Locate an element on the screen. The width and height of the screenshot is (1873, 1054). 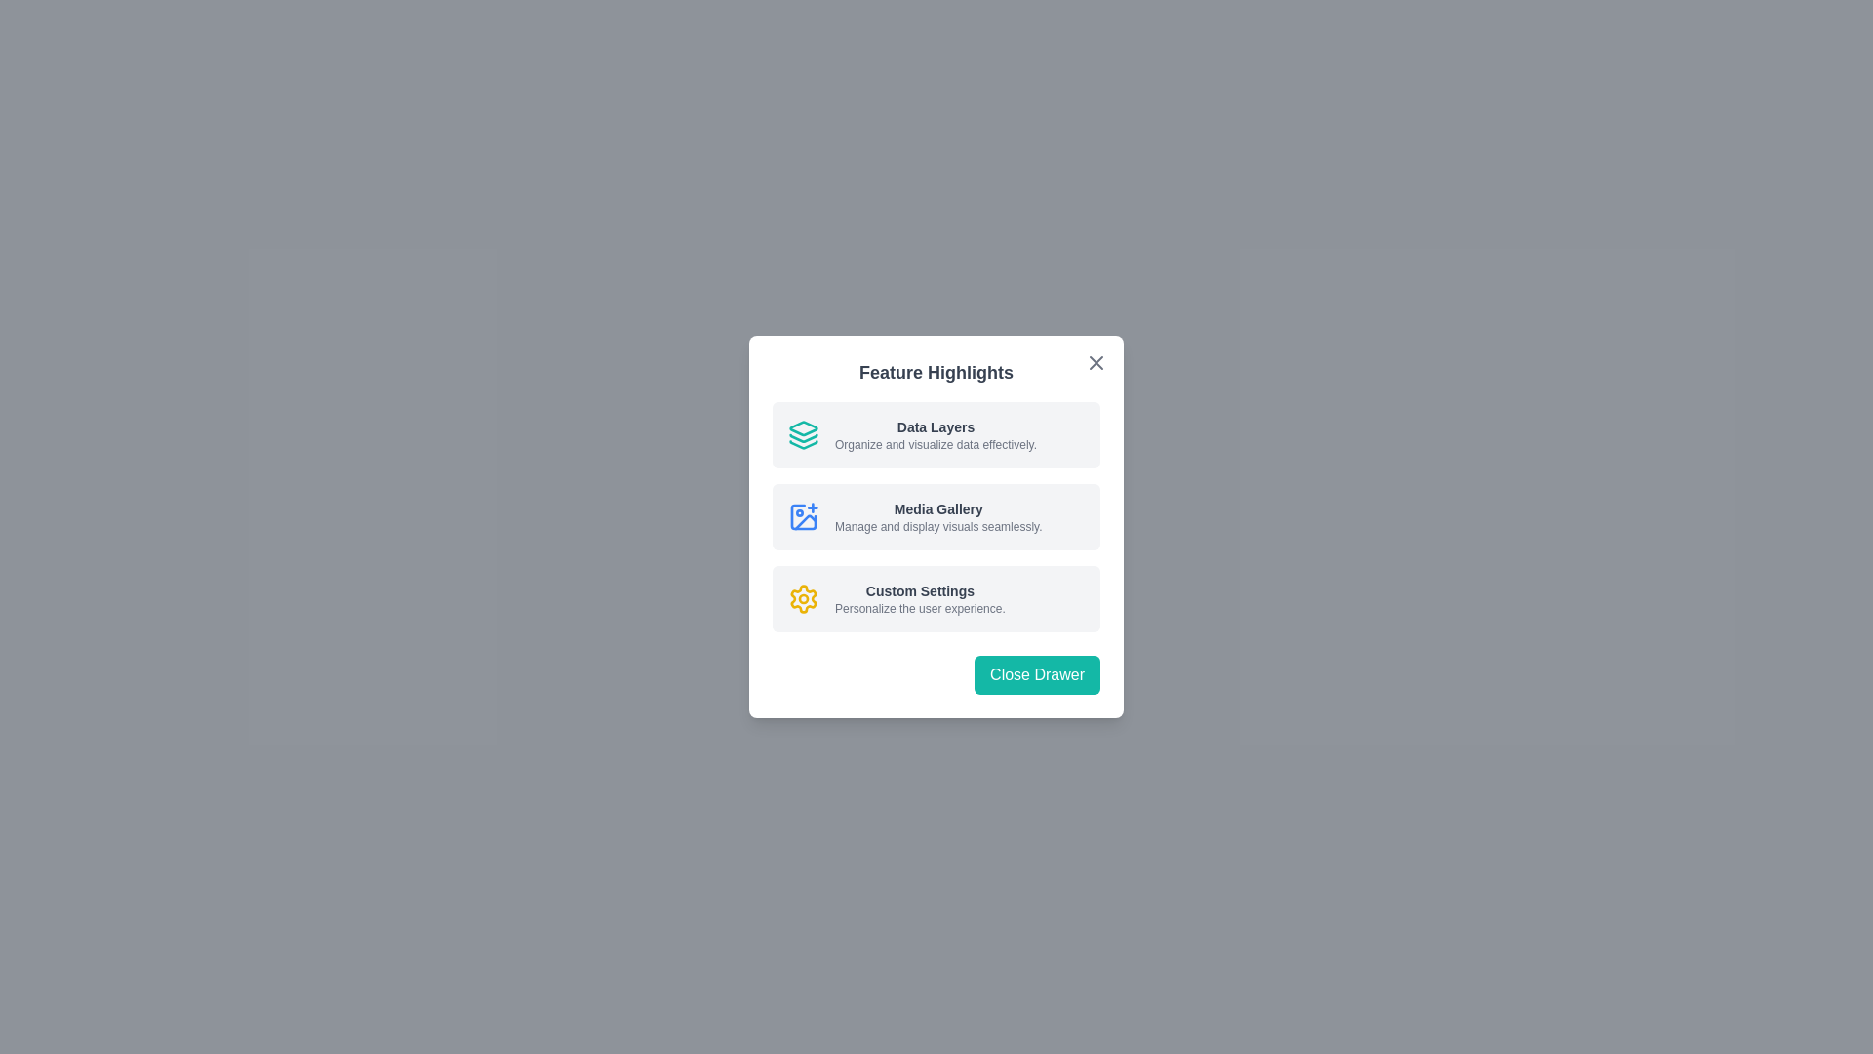
the text label reading 'Organize and visualize data effectively.' located beneath the title 'Data Layers' in the 'Feature Highlights' modal dialog box is located at coordinates (935, 444).